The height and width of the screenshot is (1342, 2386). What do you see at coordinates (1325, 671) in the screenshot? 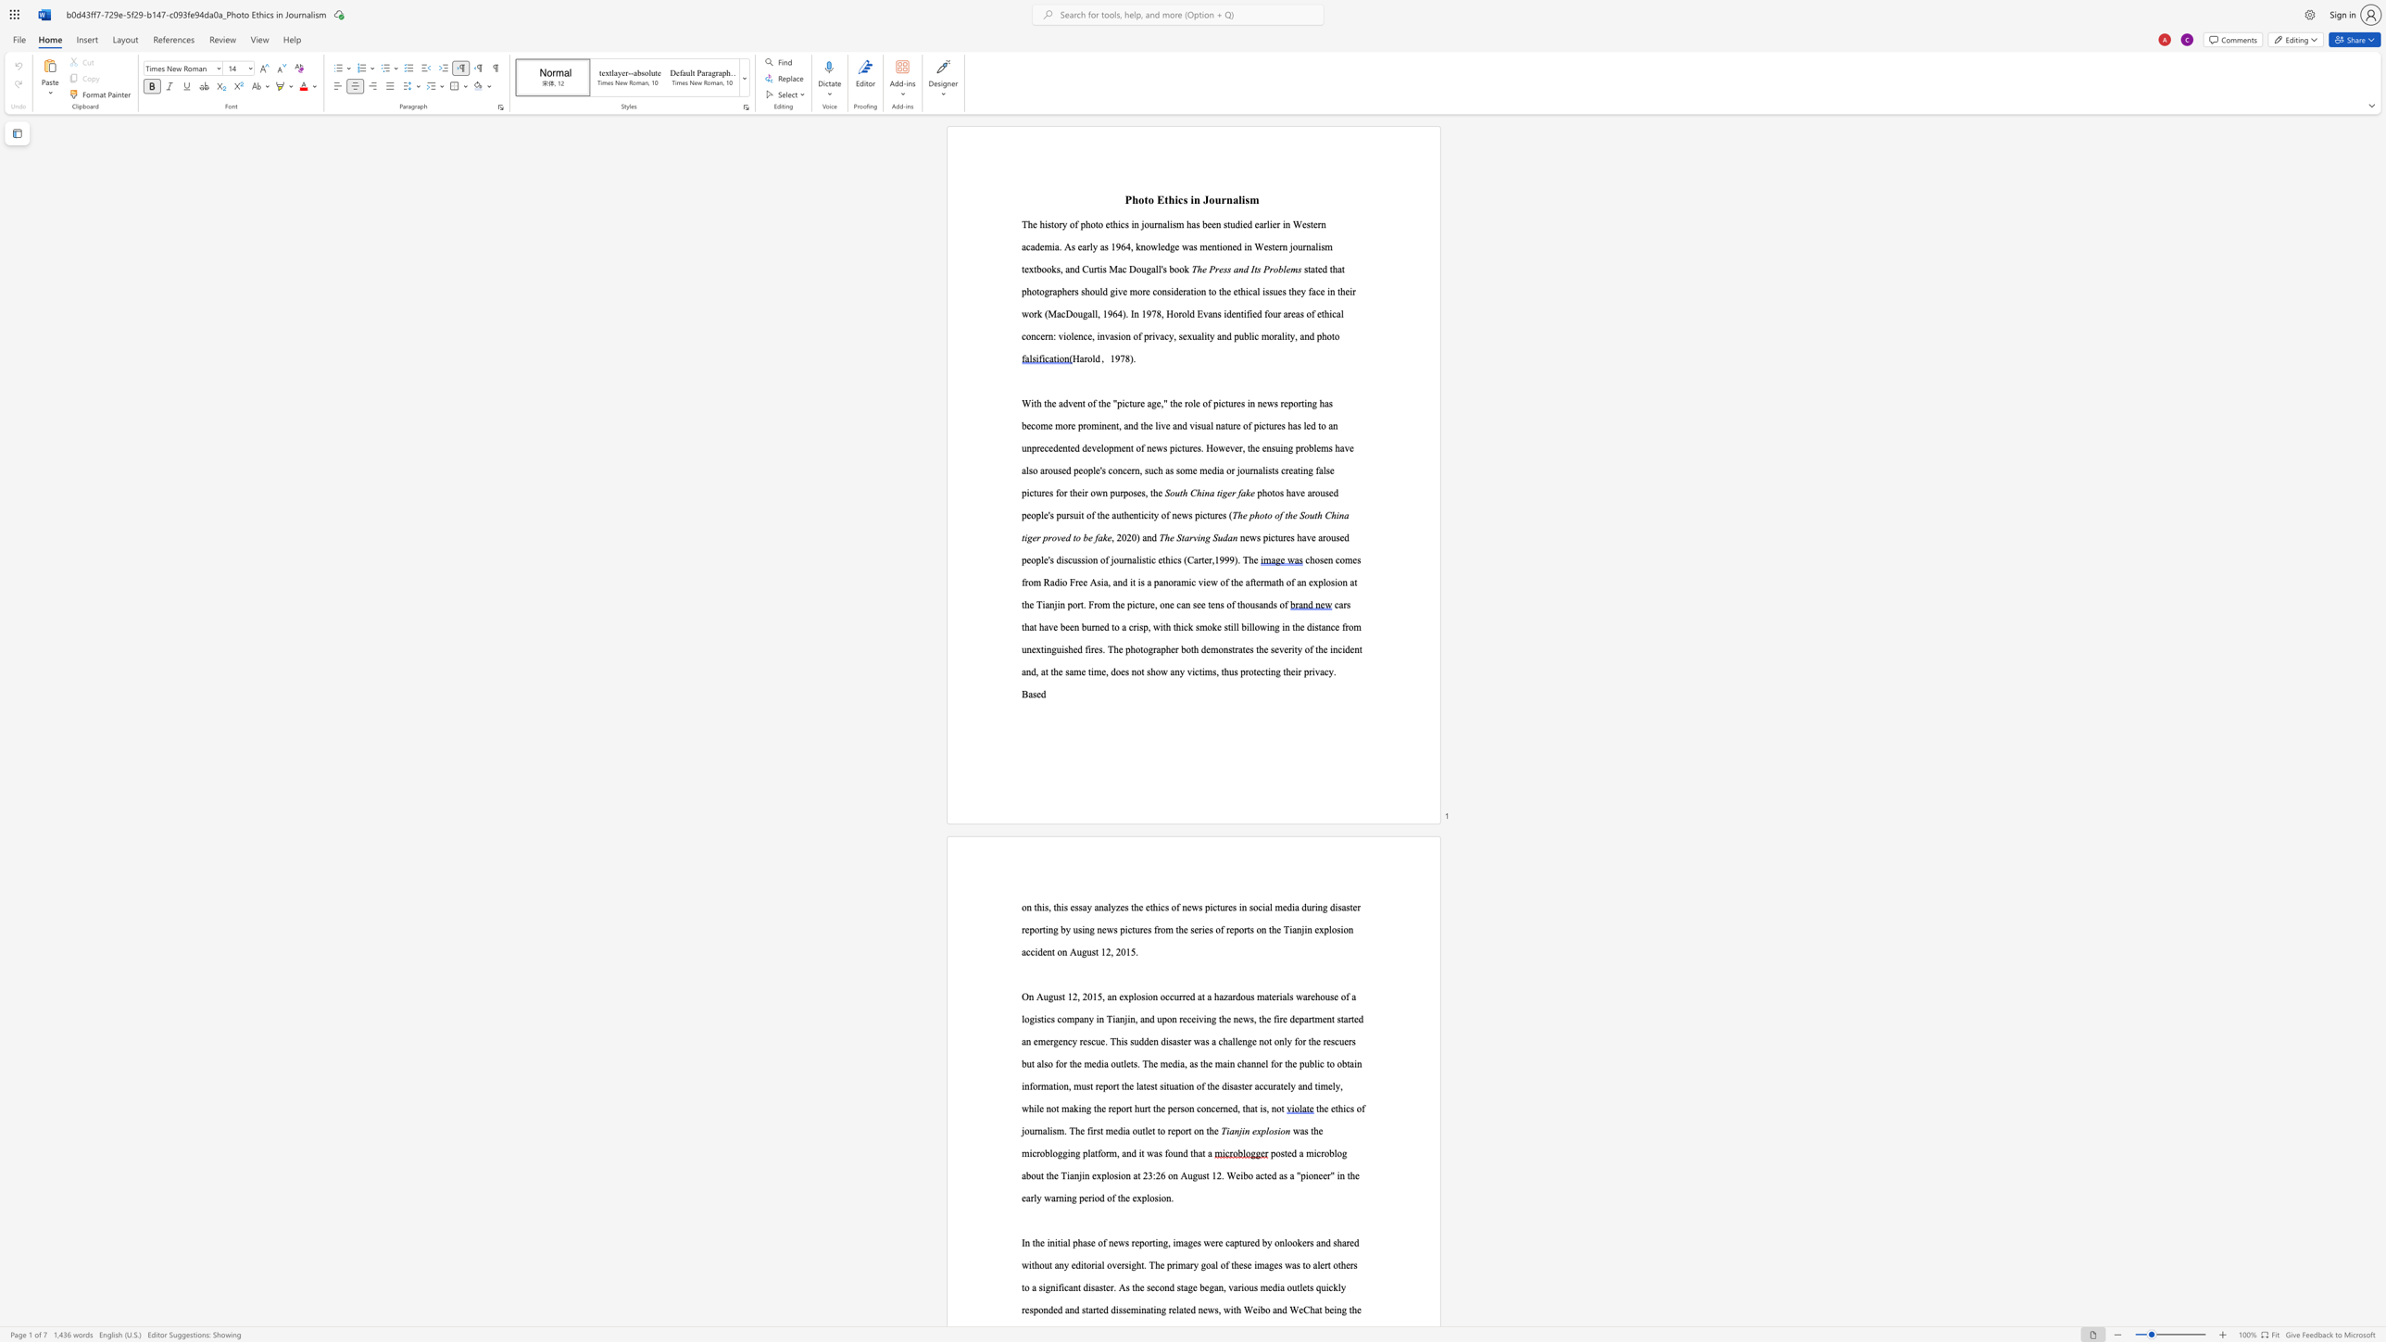
I see `the subset text "cy." within the text "the severity of the incident and, at the same time, does not show any victims, thus protecting their privacy."` at bounding box center [1325, 671].